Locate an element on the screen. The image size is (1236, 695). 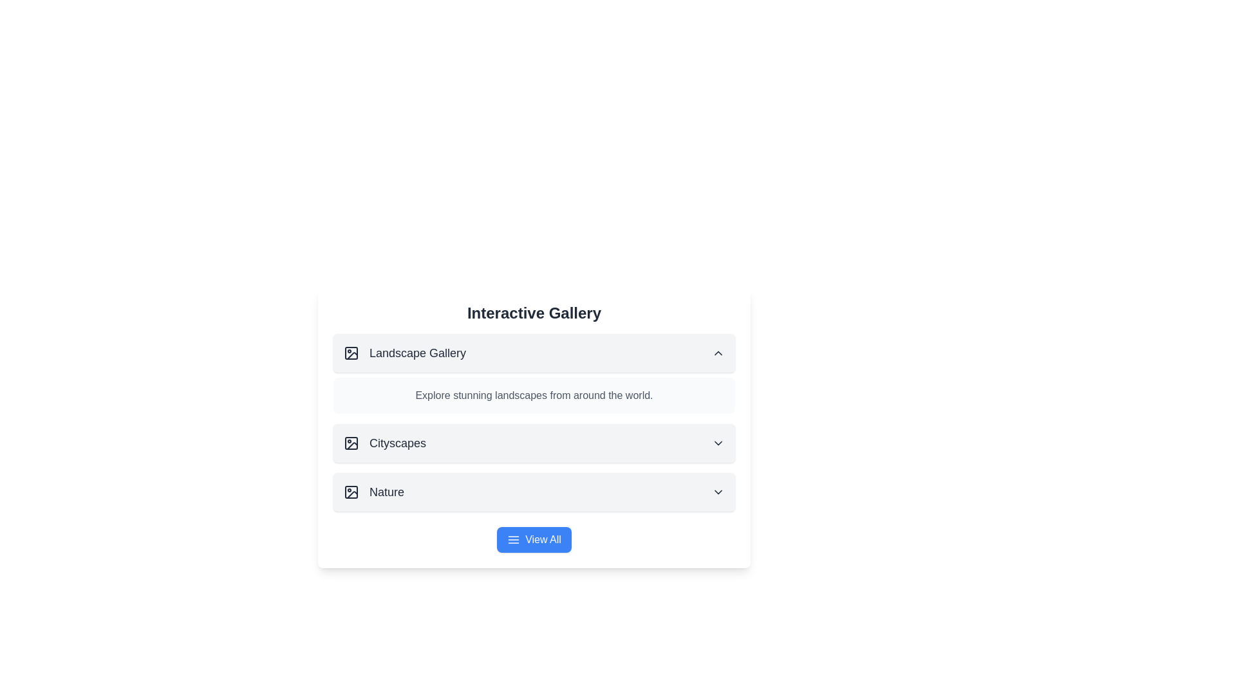
the 'Landscape Gallery' button, which is the first item in a vertically stacked list with a light gray background is located at coordinates (534, 353).